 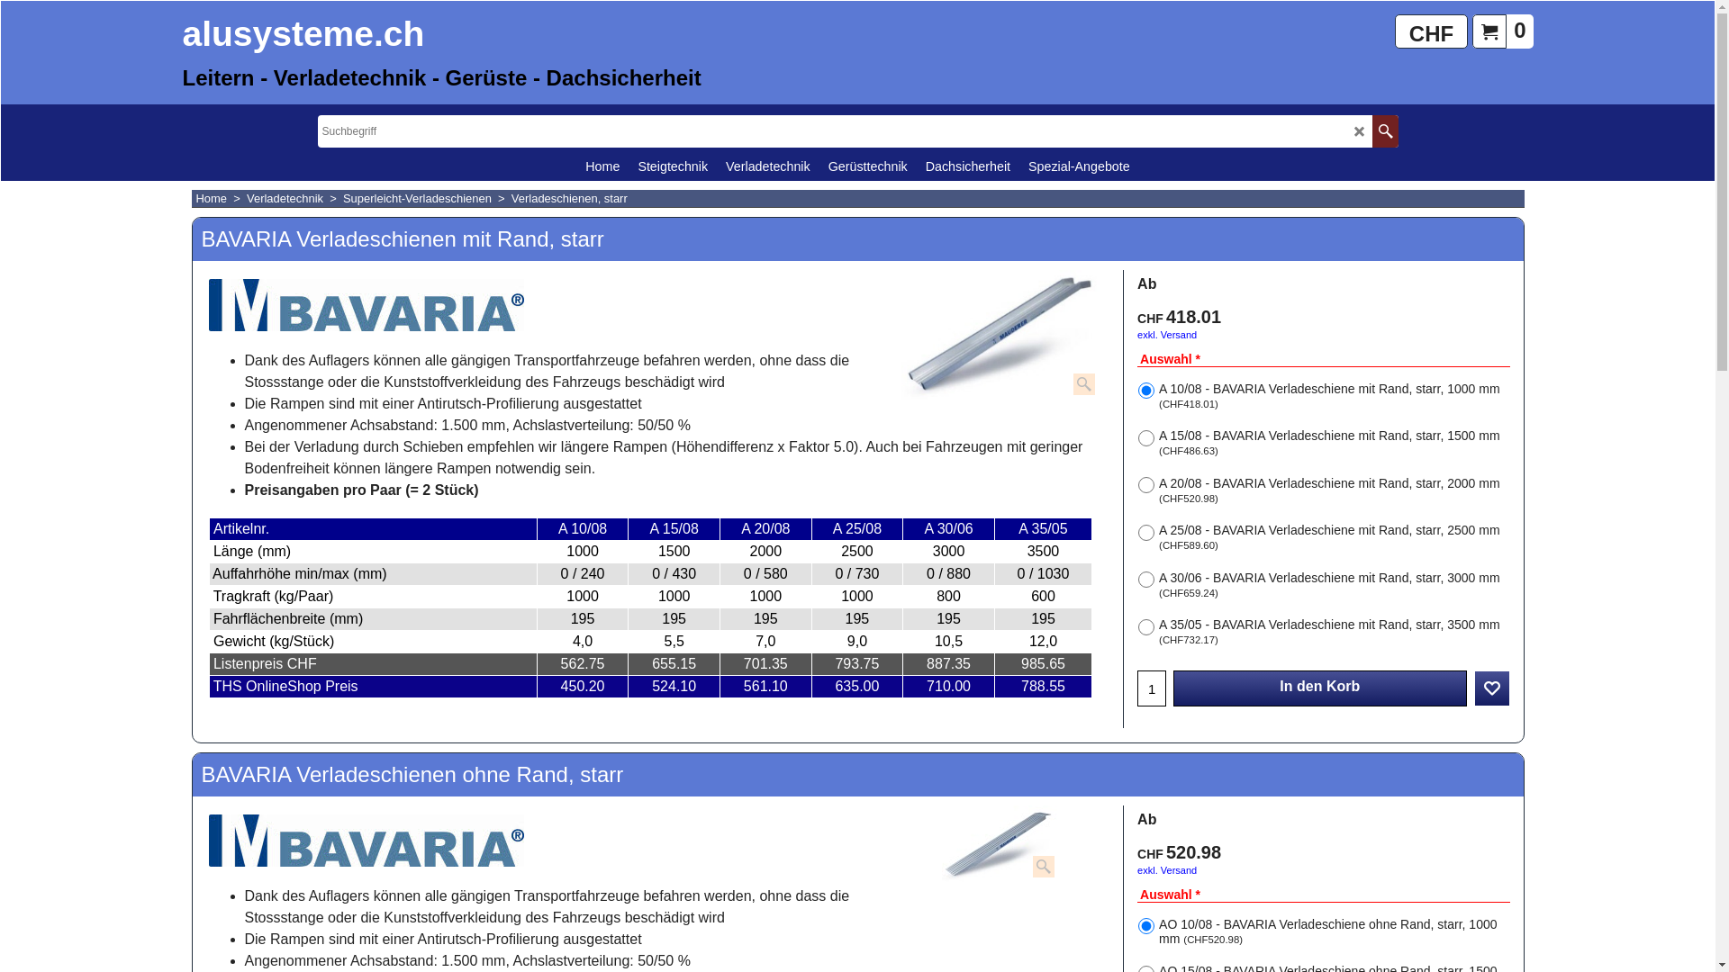 I want to click on 'alusysteme.ch', so click(x=305, y=36).